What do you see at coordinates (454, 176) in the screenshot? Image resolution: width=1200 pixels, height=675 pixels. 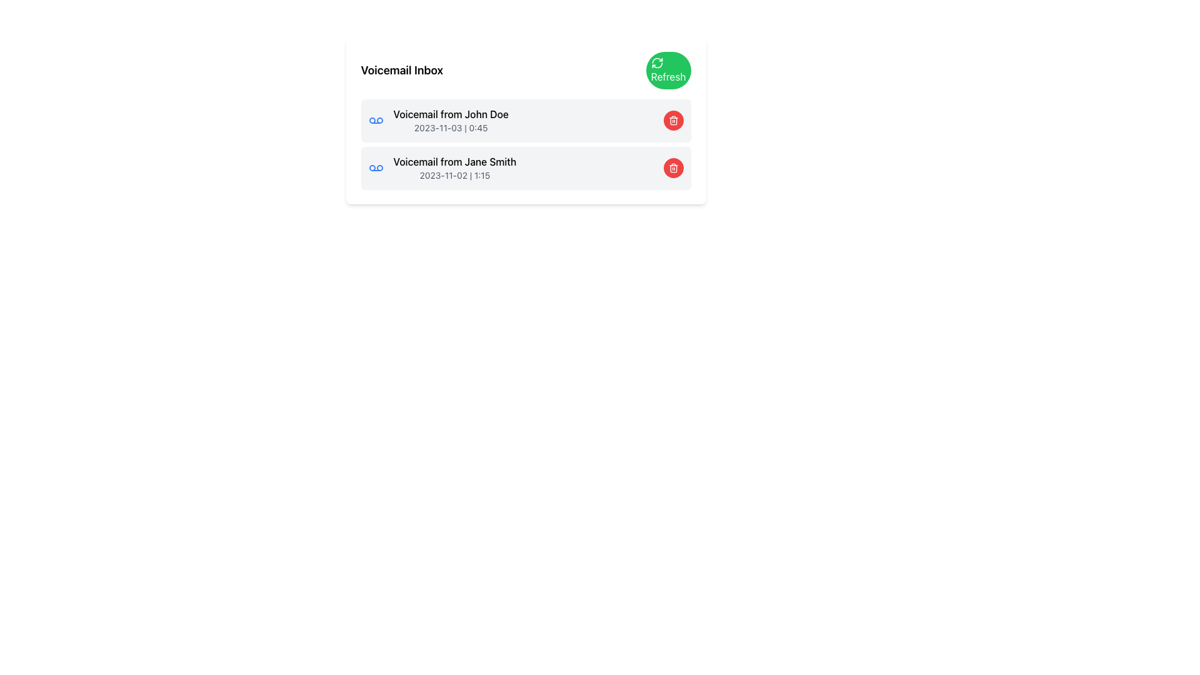 I see `the text label displaying the date and time '2023-11-02 | 1:15', which is located below the title 'Voicemail from Jane Smith' in the voicemail list` at bounding box center [454, 176].